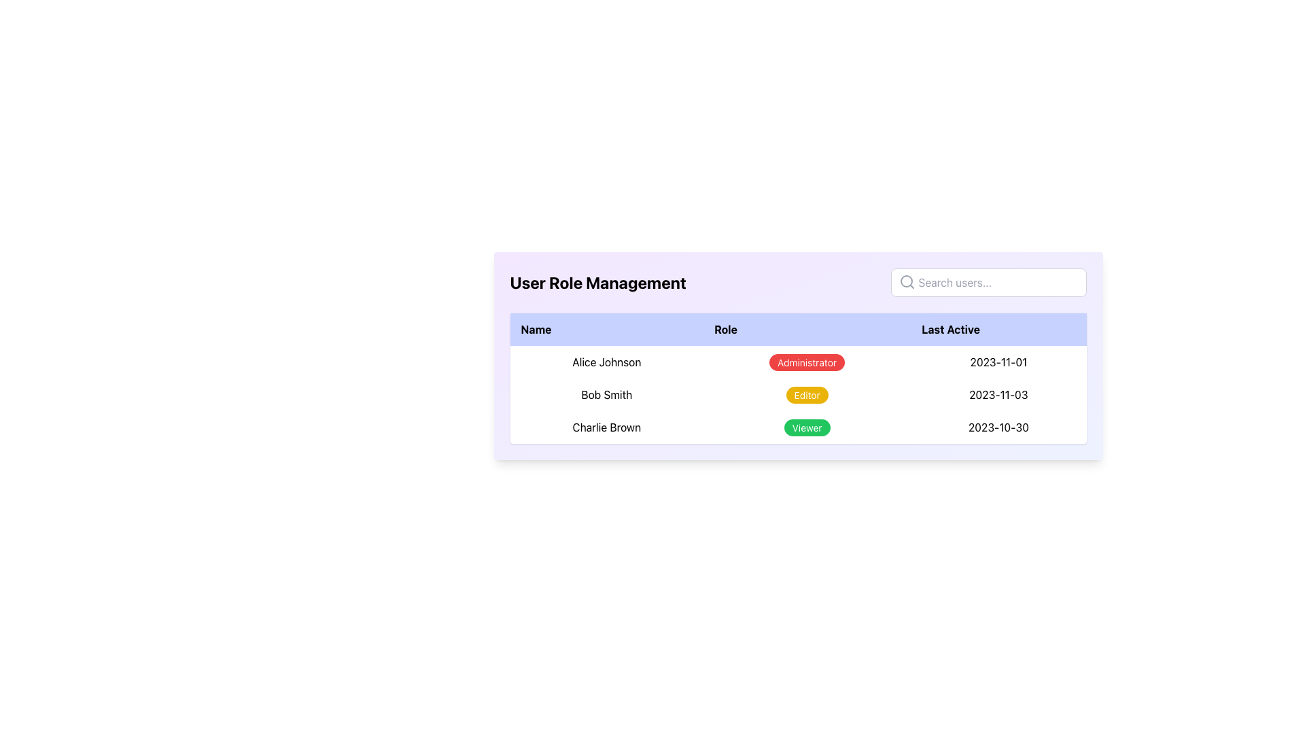  I want to click on the label displaying 'Administrator' in the Role column for Alice Johnson in the first row of the table, which has a bright red background and white text, so click(807, 362).